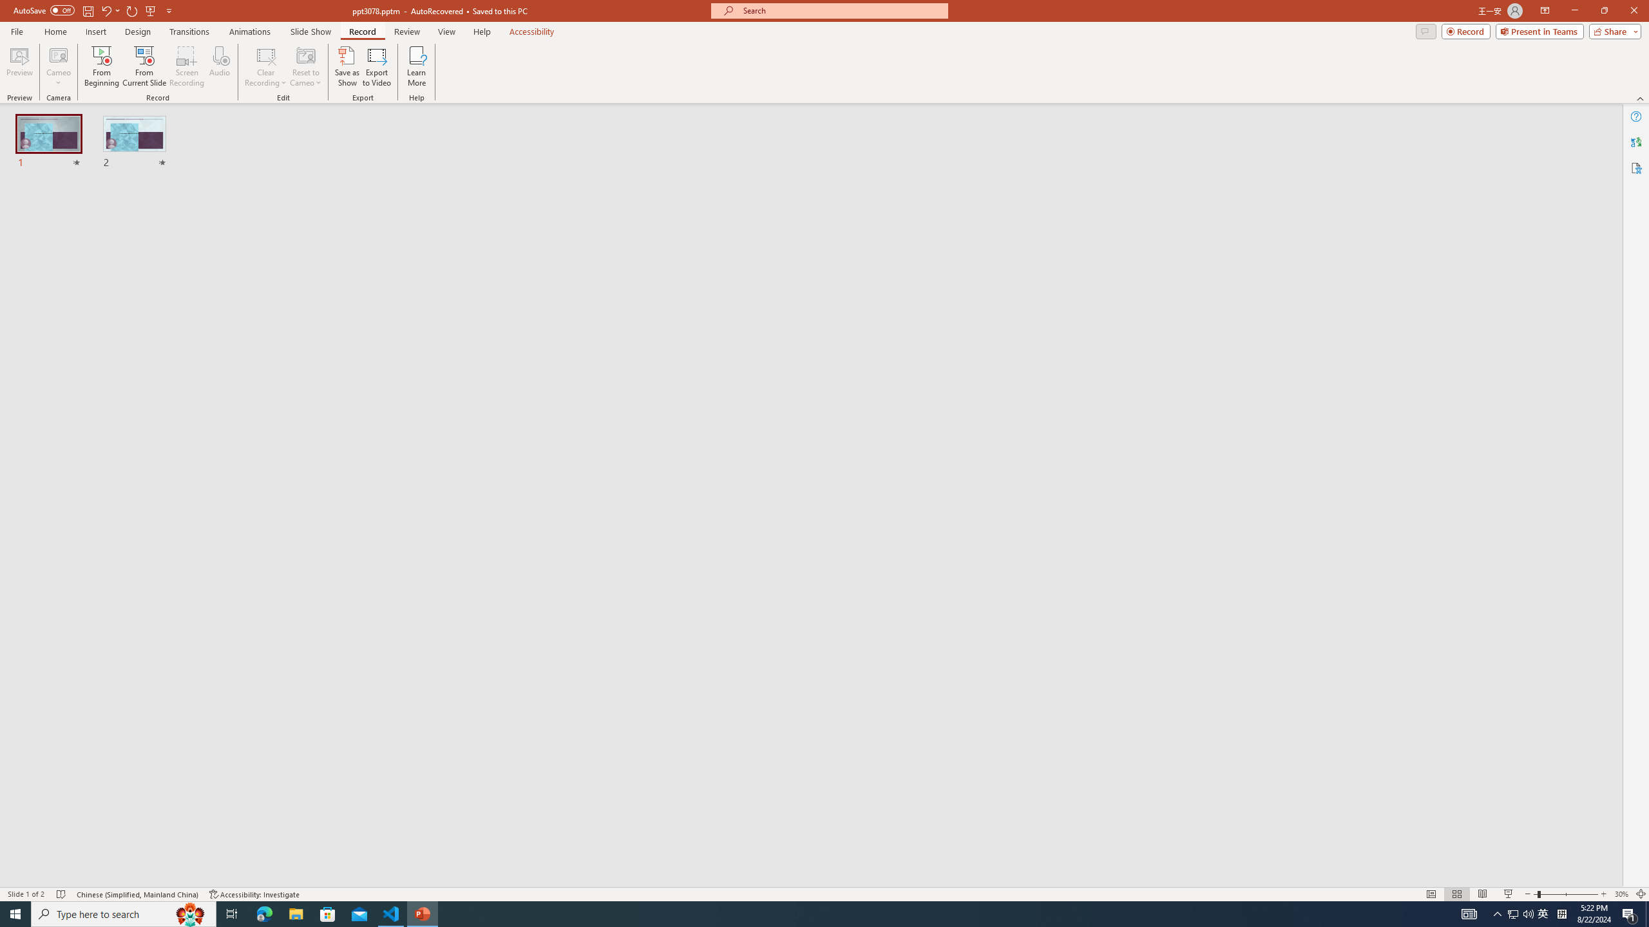 The height and width of the screenshot is (927, 1649). What do you see at coordinates (305, 66) in the screenshot?
I see `'Reset to Cameo'` at bounding box center [305, 66].